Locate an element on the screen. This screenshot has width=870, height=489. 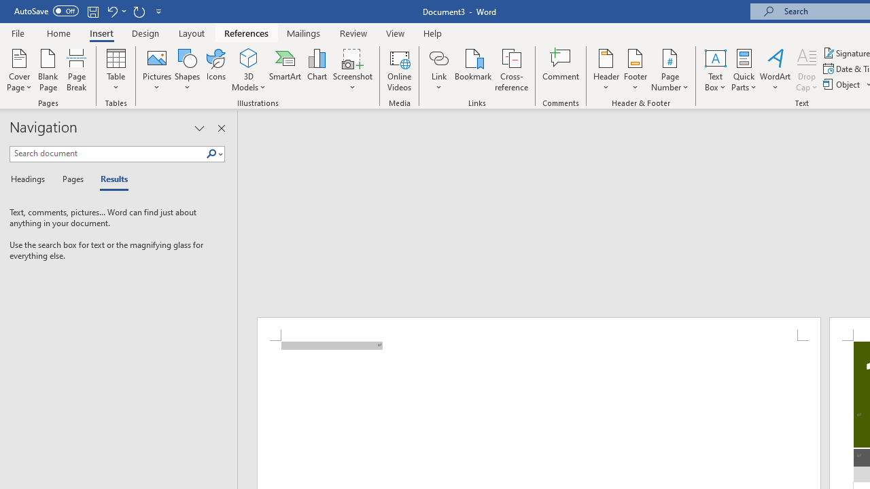
'WordArt' is located at coordinates (776, 70).